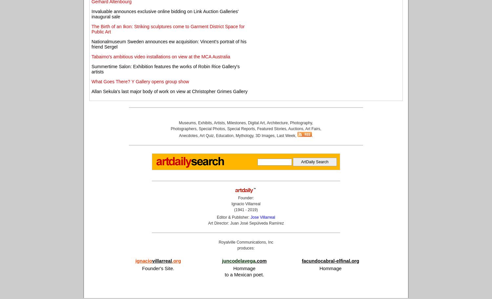  Describe the element at coordinates (161, 260) in the screenshot. I see `'villarreal'` at that location.